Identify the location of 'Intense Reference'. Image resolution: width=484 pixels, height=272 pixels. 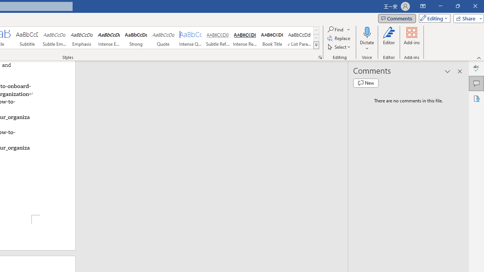
(245, 38).